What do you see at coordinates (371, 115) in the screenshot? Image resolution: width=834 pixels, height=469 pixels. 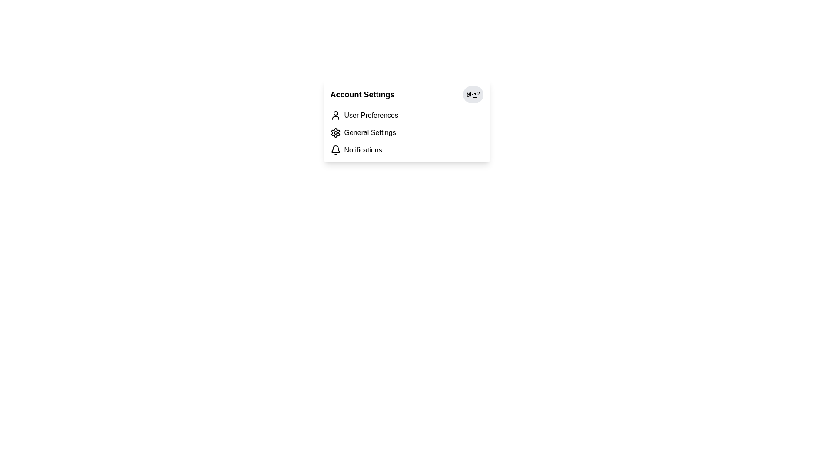 I see `the 'Account Settings' label, which is the first option in the dropdown menu` at bounding box center [371, 115].